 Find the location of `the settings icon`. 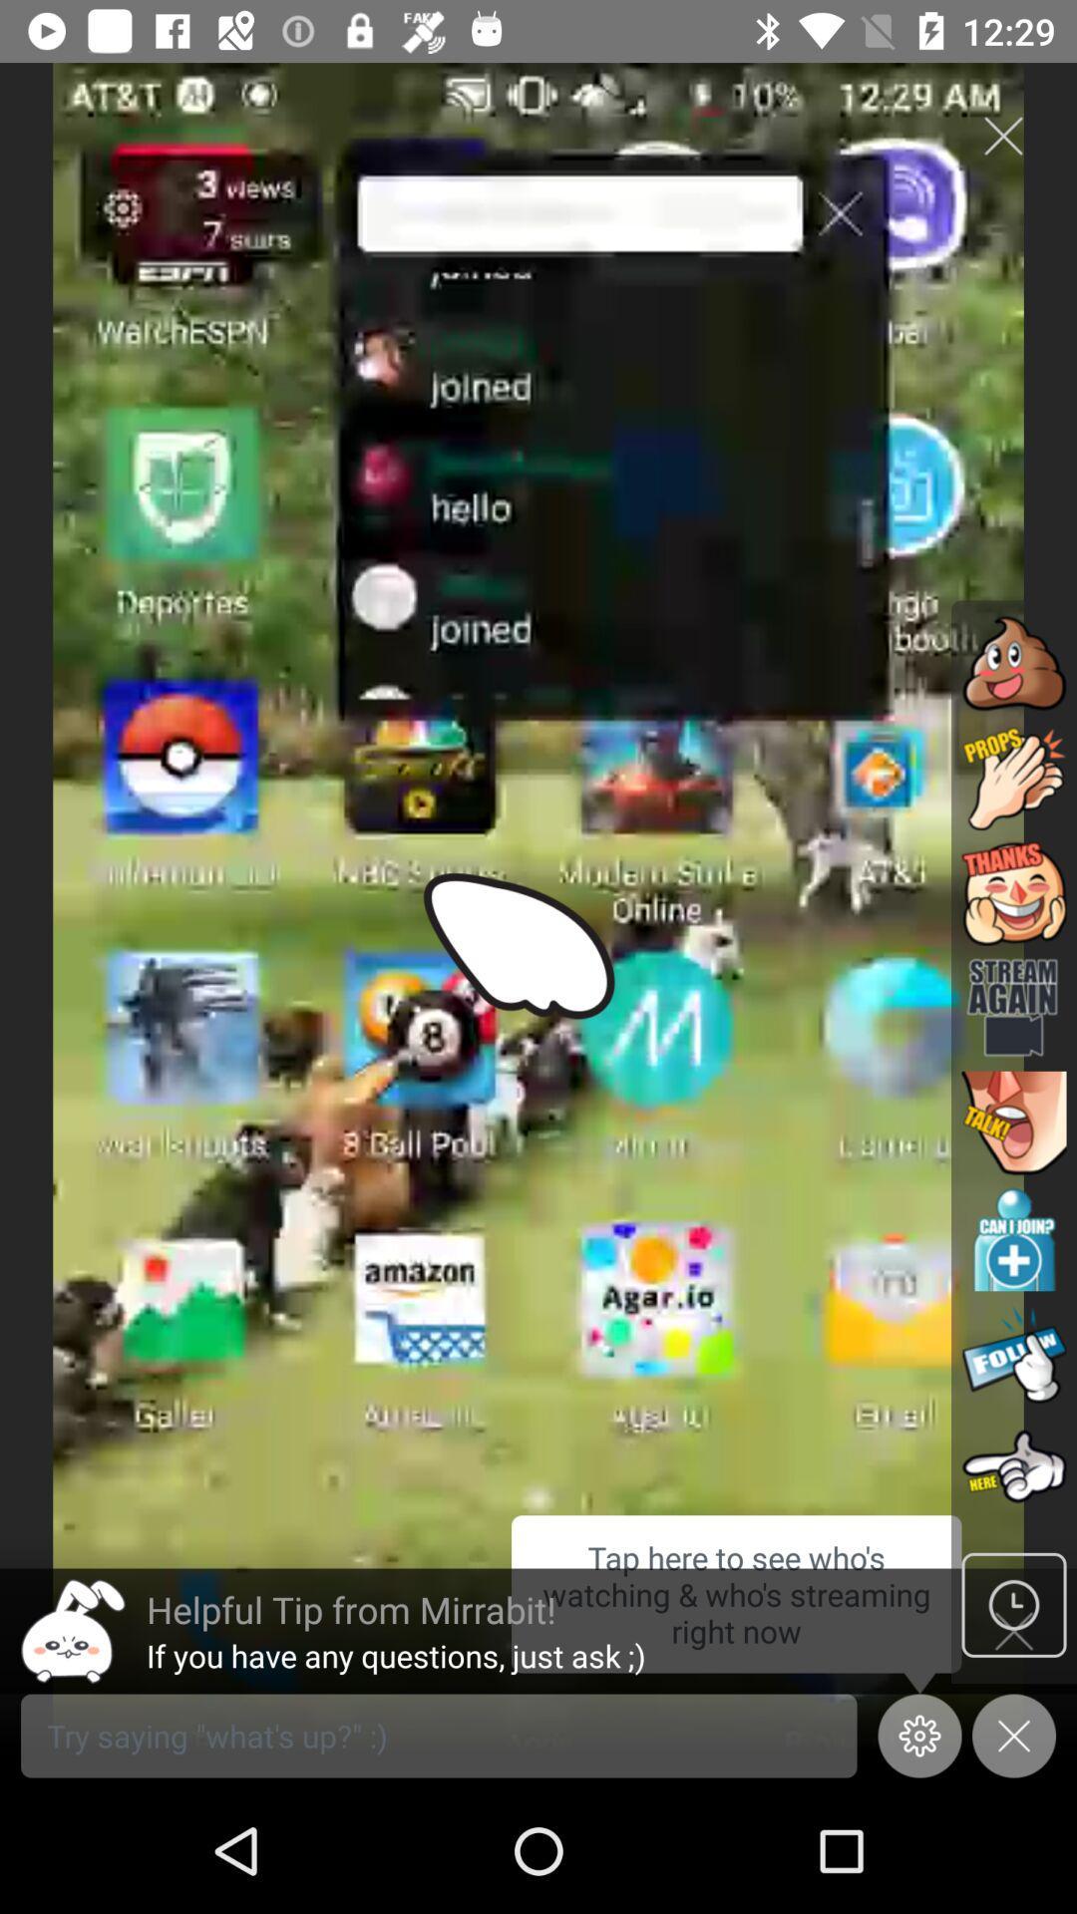

the settings icon is located at coordinates (919, 1735).